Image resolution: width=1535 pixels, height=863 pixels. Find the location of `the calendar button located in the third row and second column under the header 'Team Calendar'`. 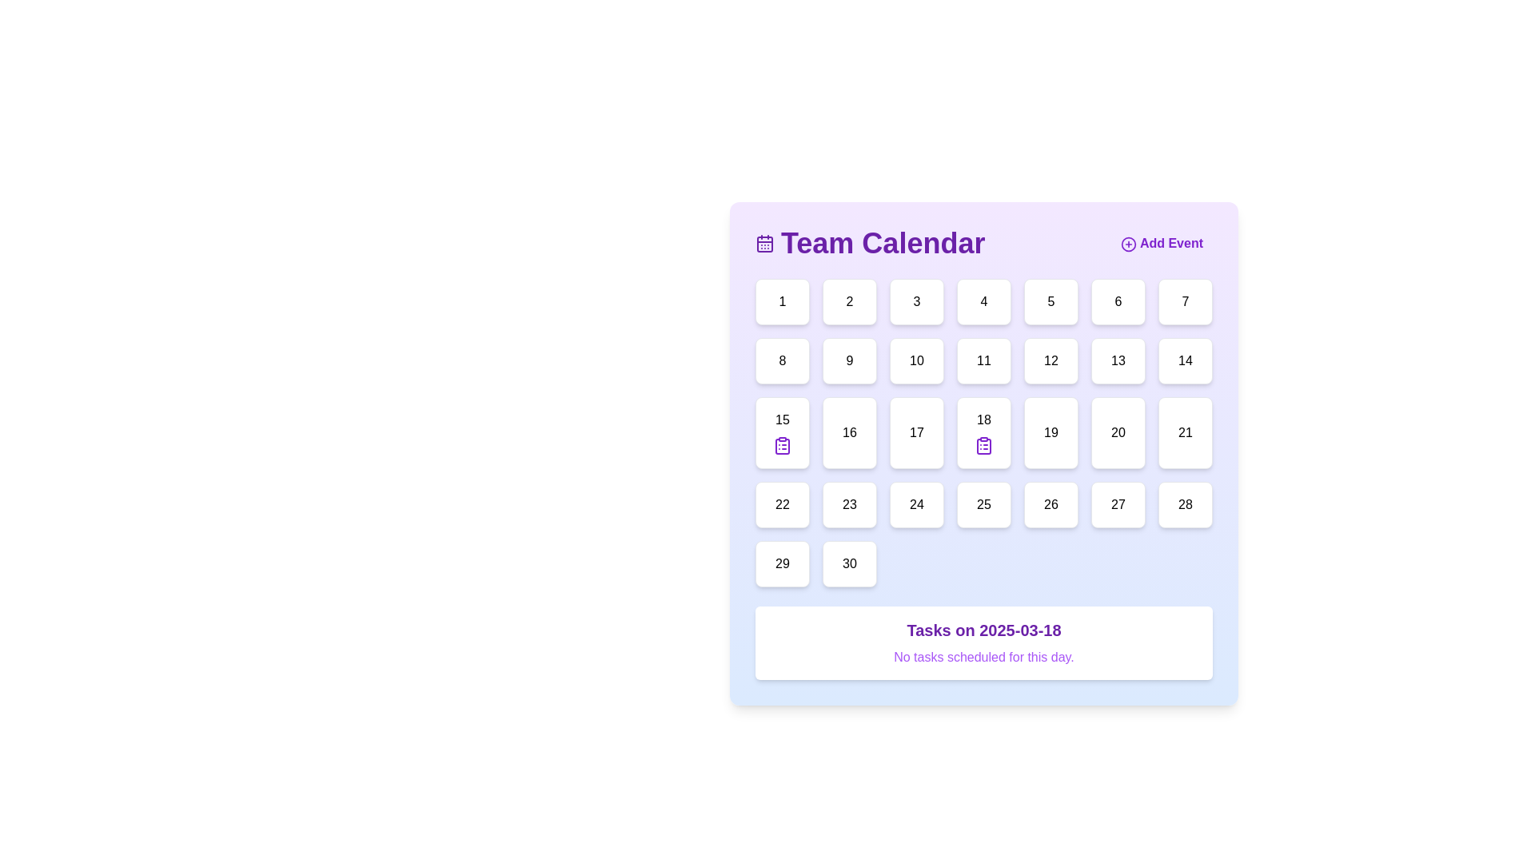

the calendar button located in the third row and second column under the header 'Team Calendar' is located at coordinates (848, 433).